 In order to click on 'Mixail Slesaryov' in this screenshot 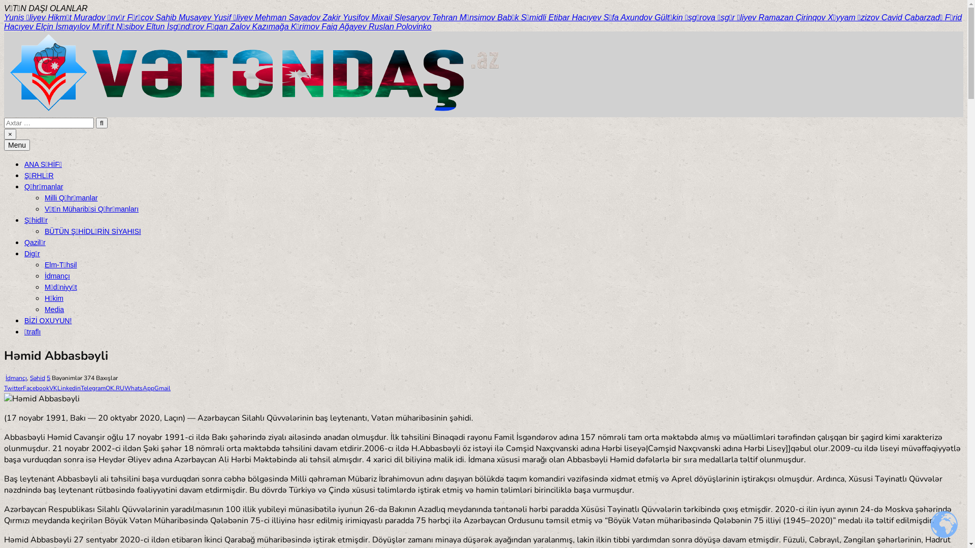, I will do `click(401, 17)`.